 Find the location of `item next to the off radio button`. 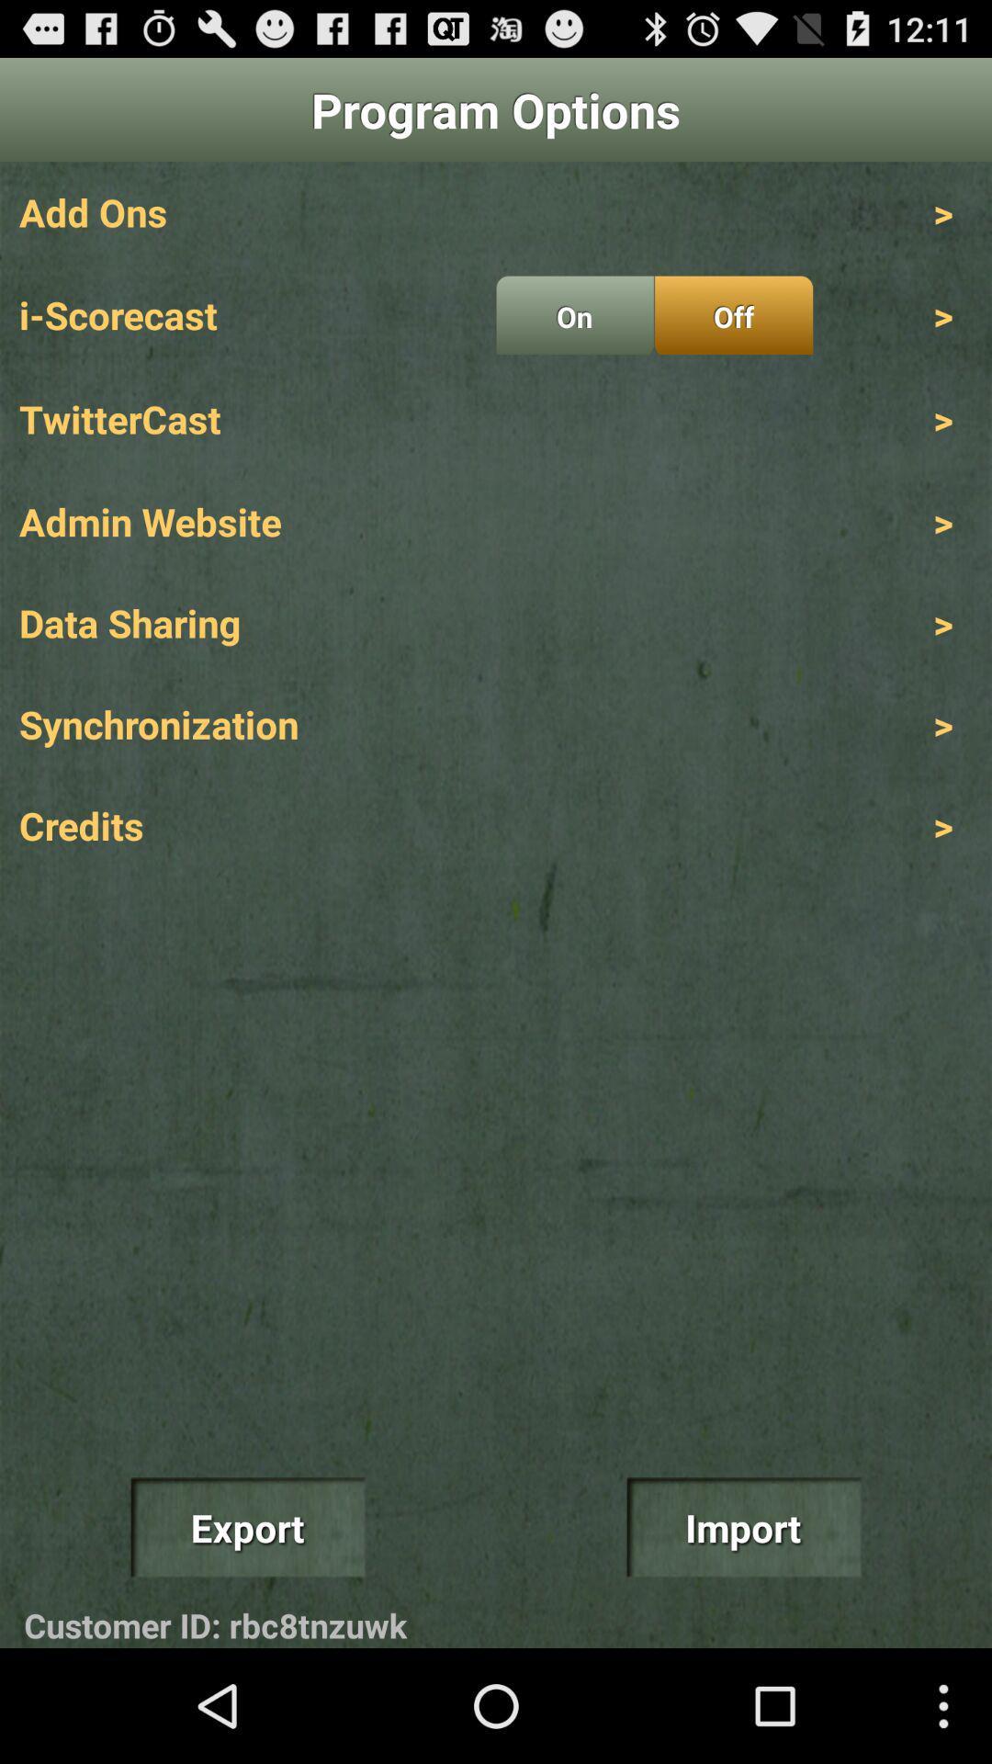

item next to the off radio button is located at coordinates (574, 315).